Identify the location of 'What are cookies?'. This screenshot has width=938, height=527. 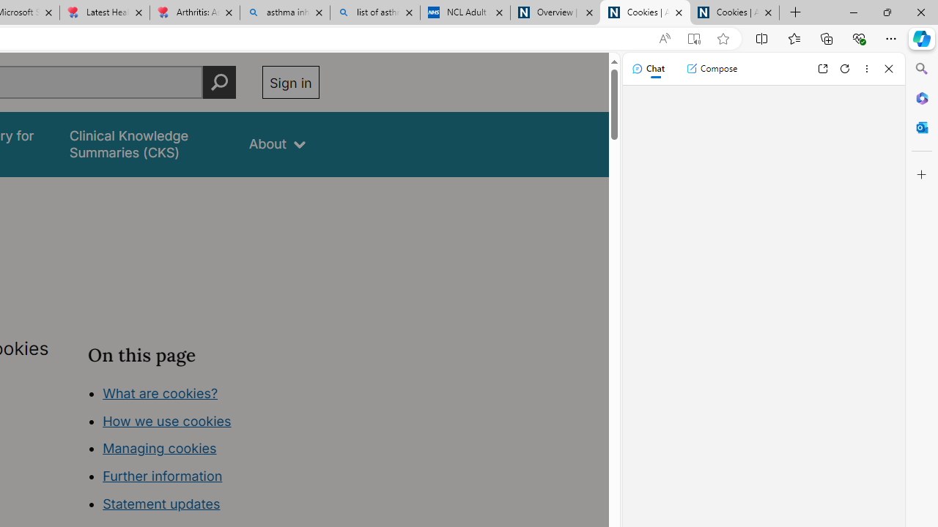
(160, 392).